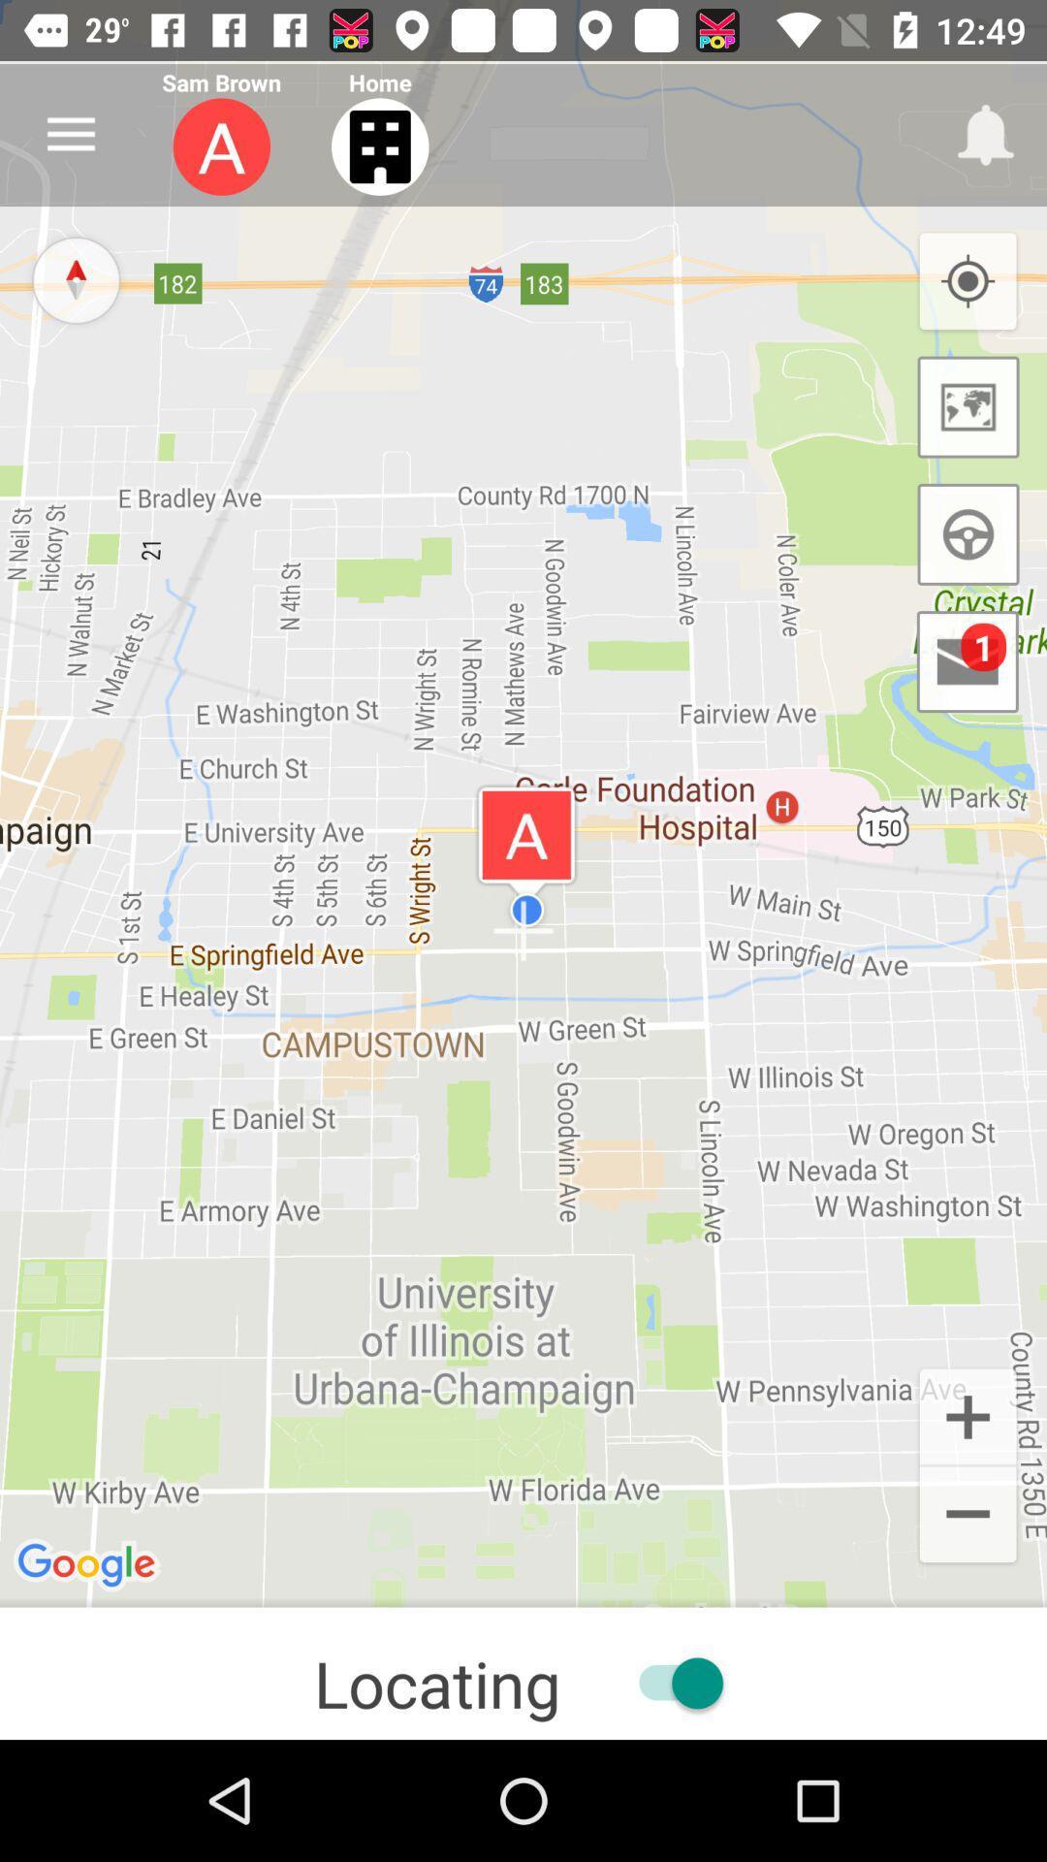 This screenshot has width=1047, height=1862. Describe the element at coordinates (968, 1415) in the screenshot. I see `the add icon` at that location.